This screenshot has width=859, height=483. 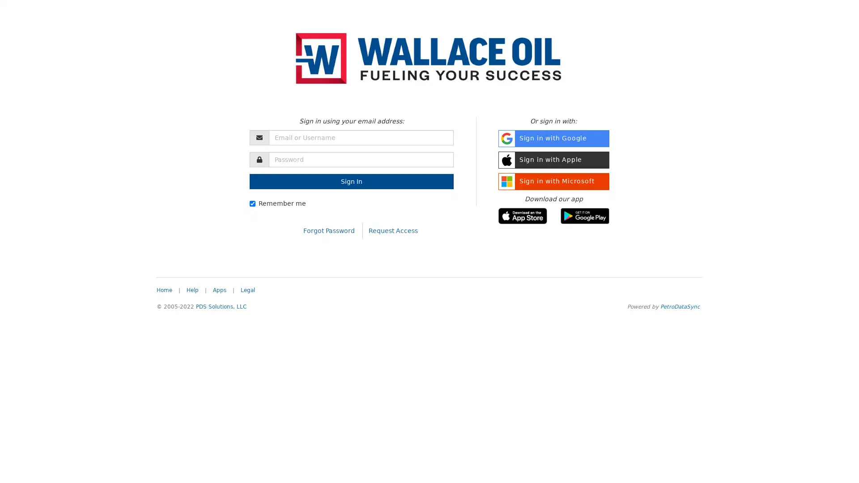 What do you see at coordinates (393, 230) in the screenshot?
I see `Request Access` at bounding box center [393, 230].